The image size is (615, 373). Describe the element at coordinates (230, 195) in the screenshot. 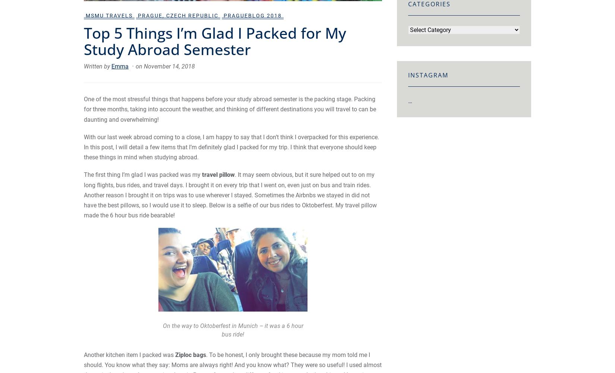

I see `'. It may seem obvious, but it sure helped out to on my long flights, bus rides, and travel days. I brought it on every trip that I went on, even just on bus and train rides. Another reason I brought it on trips was to use wherever I stayed. Sometimes the Airbnbs we stayed in did not have the best pillows, so I would use it to sleep. Below is a selfie of our bus rides to Oktoberfest. My travel pillow made the 6 hour bus ride bearable!'` at that location.